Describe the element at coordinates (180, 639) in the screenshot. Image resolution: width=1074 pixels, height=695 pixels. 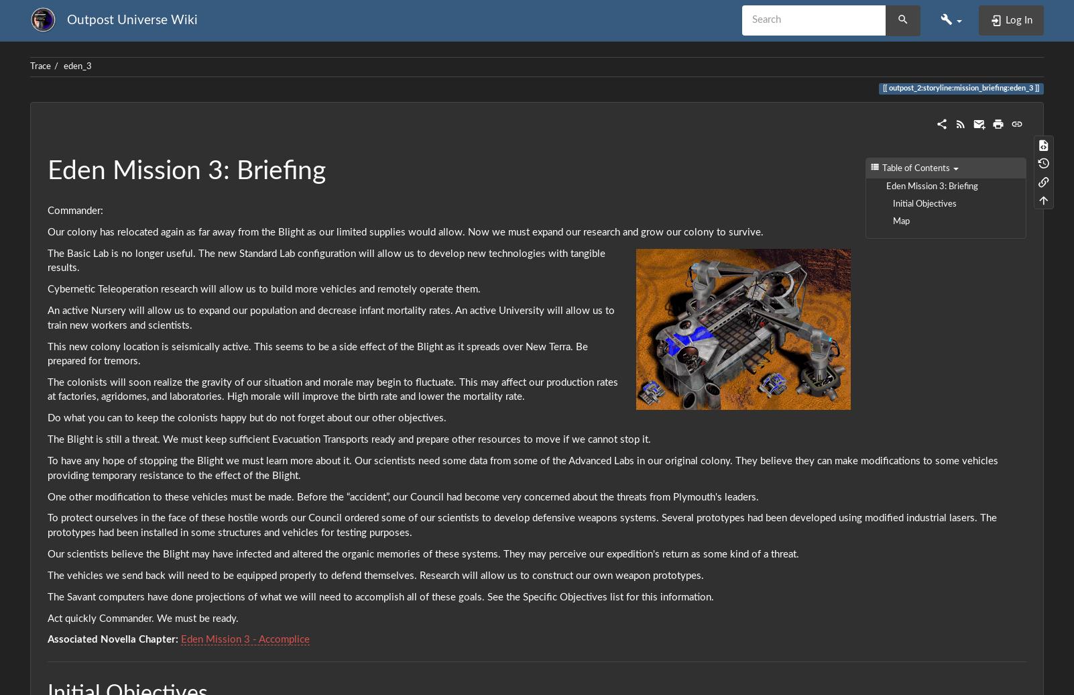
I see `'Eden Mission 3 - Accomplice'` at that location.